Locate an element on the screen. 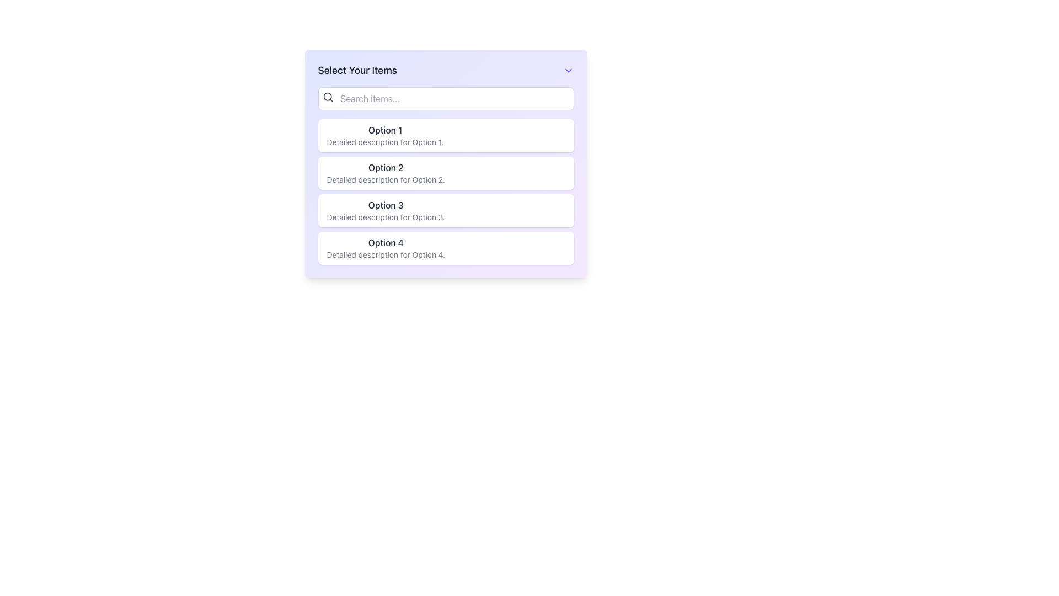  the static text label that provides additional context for the options, located below the 'Option 1.' text in the first option block is located at coordinates (385, 142).